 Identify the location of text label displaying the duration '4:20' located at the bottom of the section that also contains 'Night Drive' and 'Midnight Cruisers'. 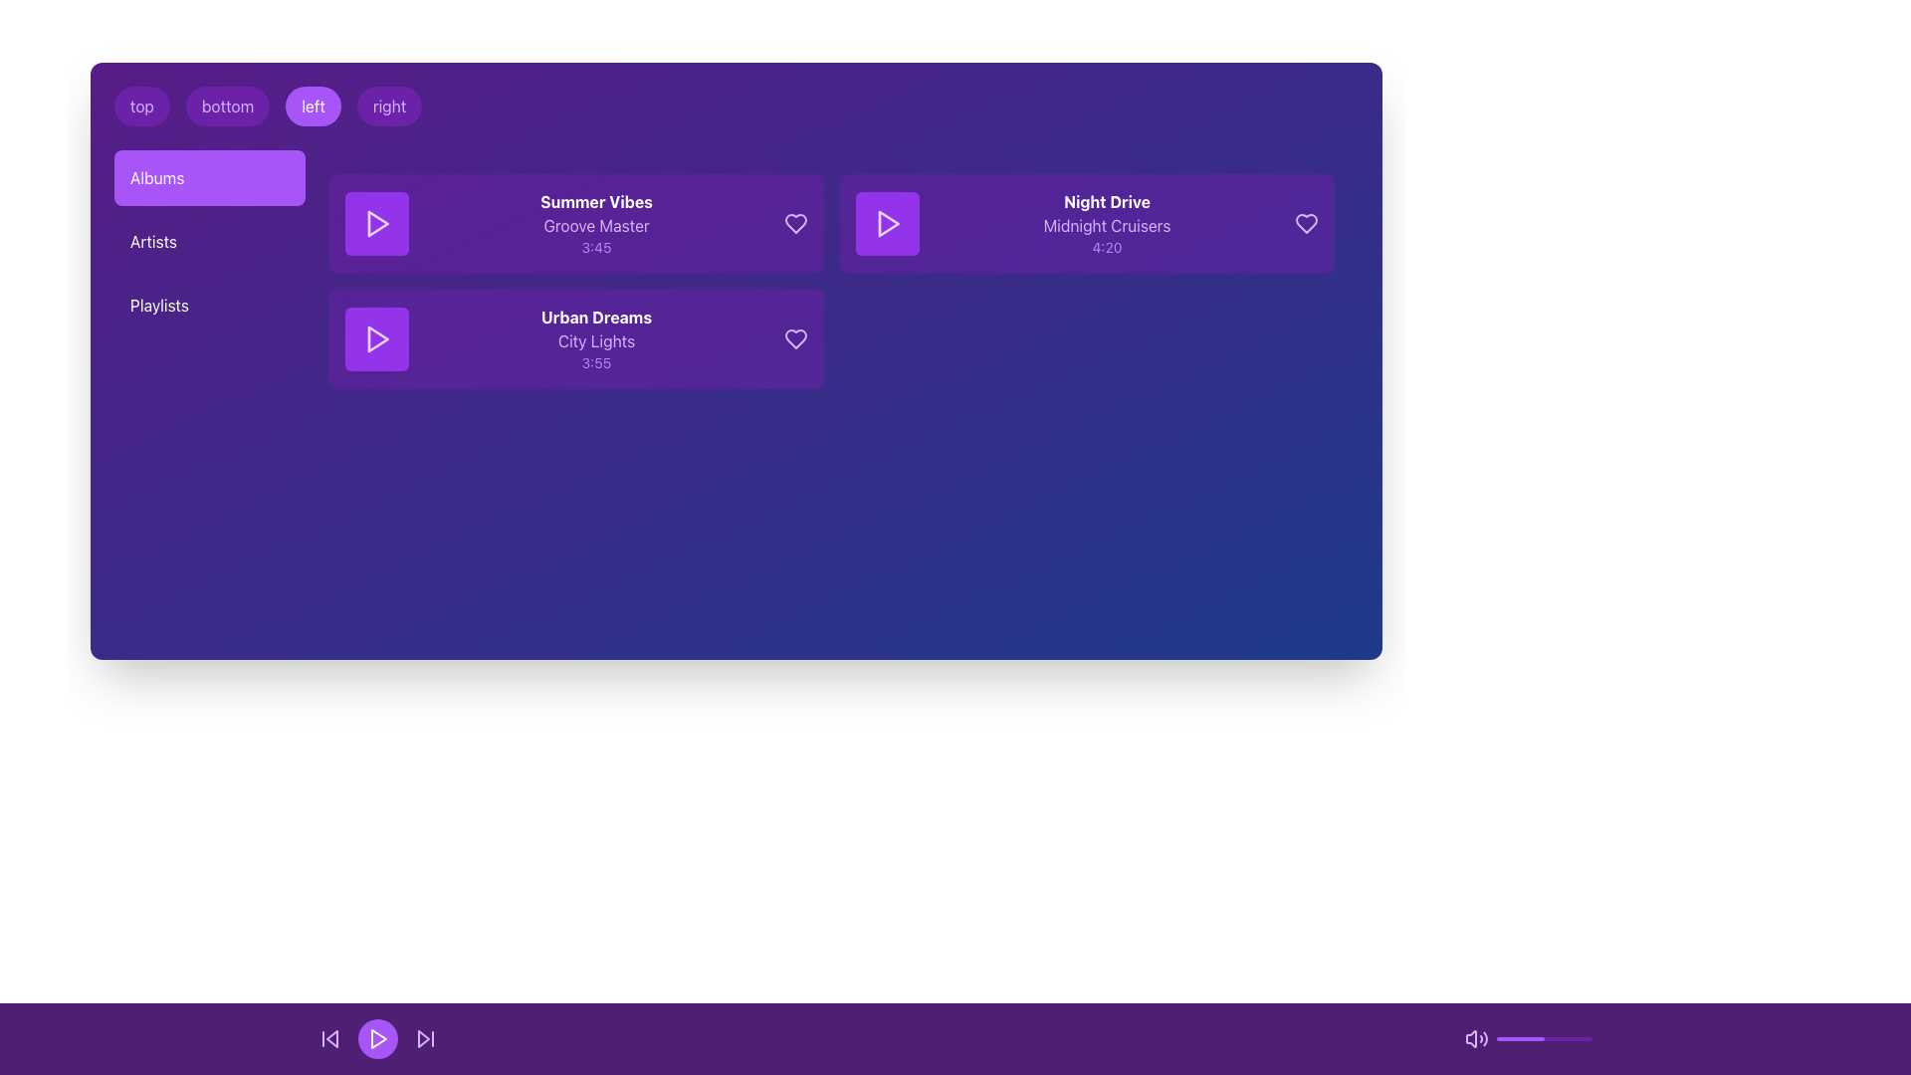
(1106, 247).